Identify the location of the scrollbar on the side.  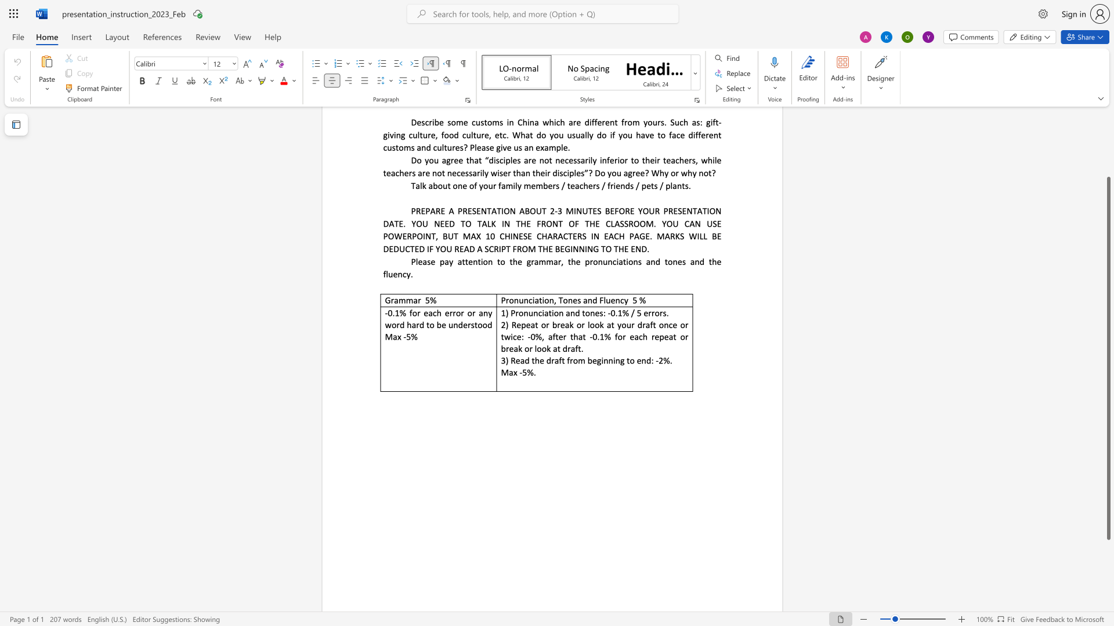
(1108, 127).